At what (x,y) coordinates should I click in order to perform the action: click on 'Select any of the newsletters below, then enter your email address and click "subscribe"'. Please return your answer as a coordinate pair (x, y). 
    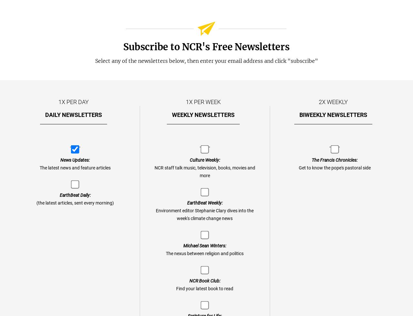
    Looking at the image, I should click on (95, 60).